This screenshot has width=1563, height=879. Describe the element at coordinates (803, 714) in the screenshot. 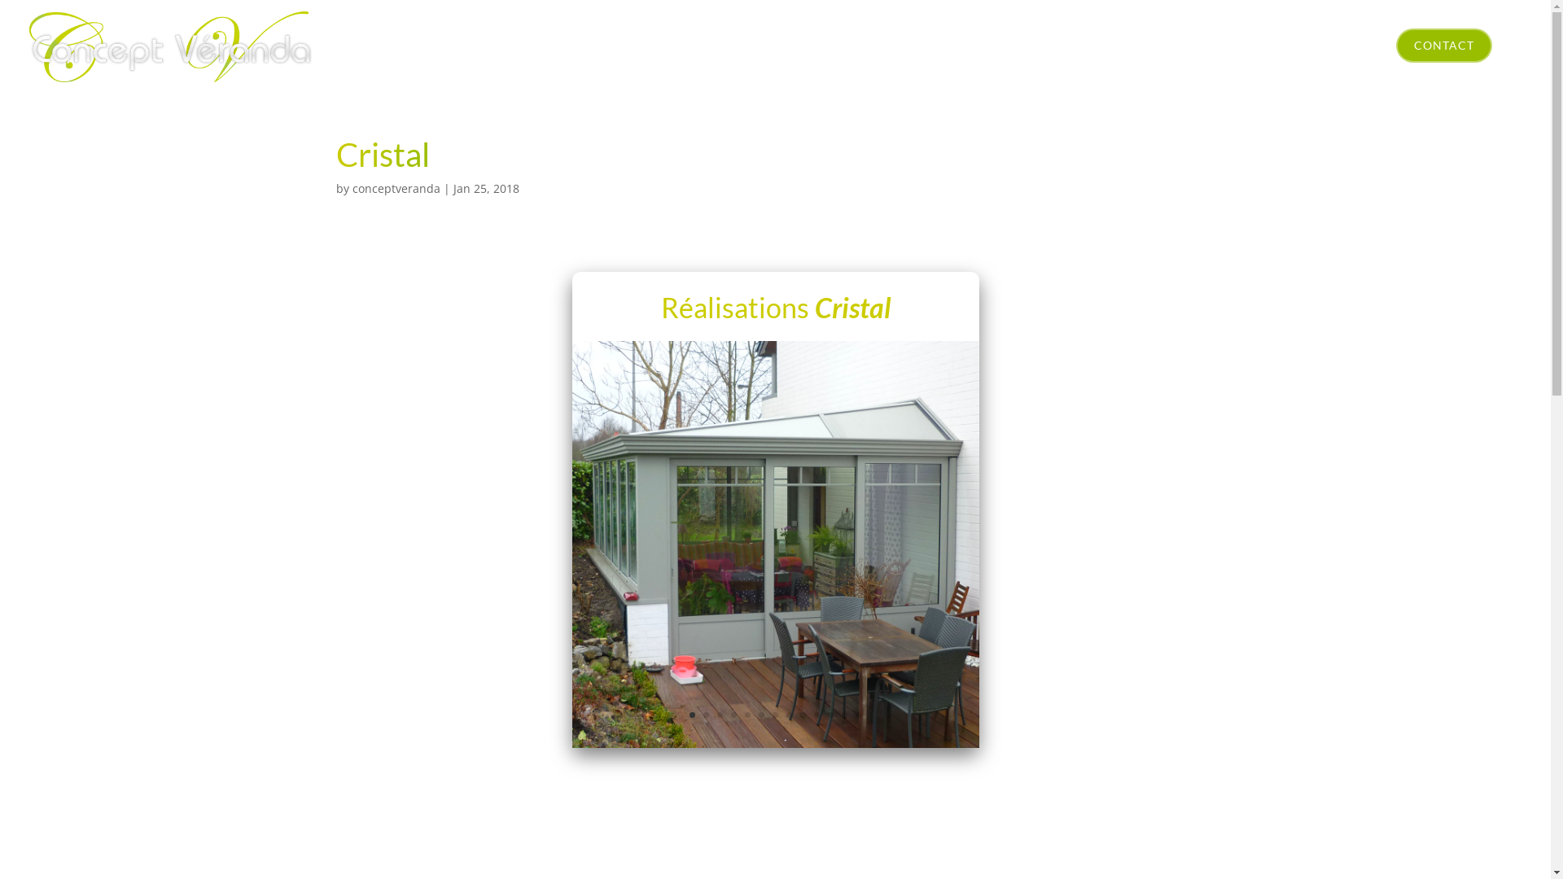

I see `'9'` at that location.